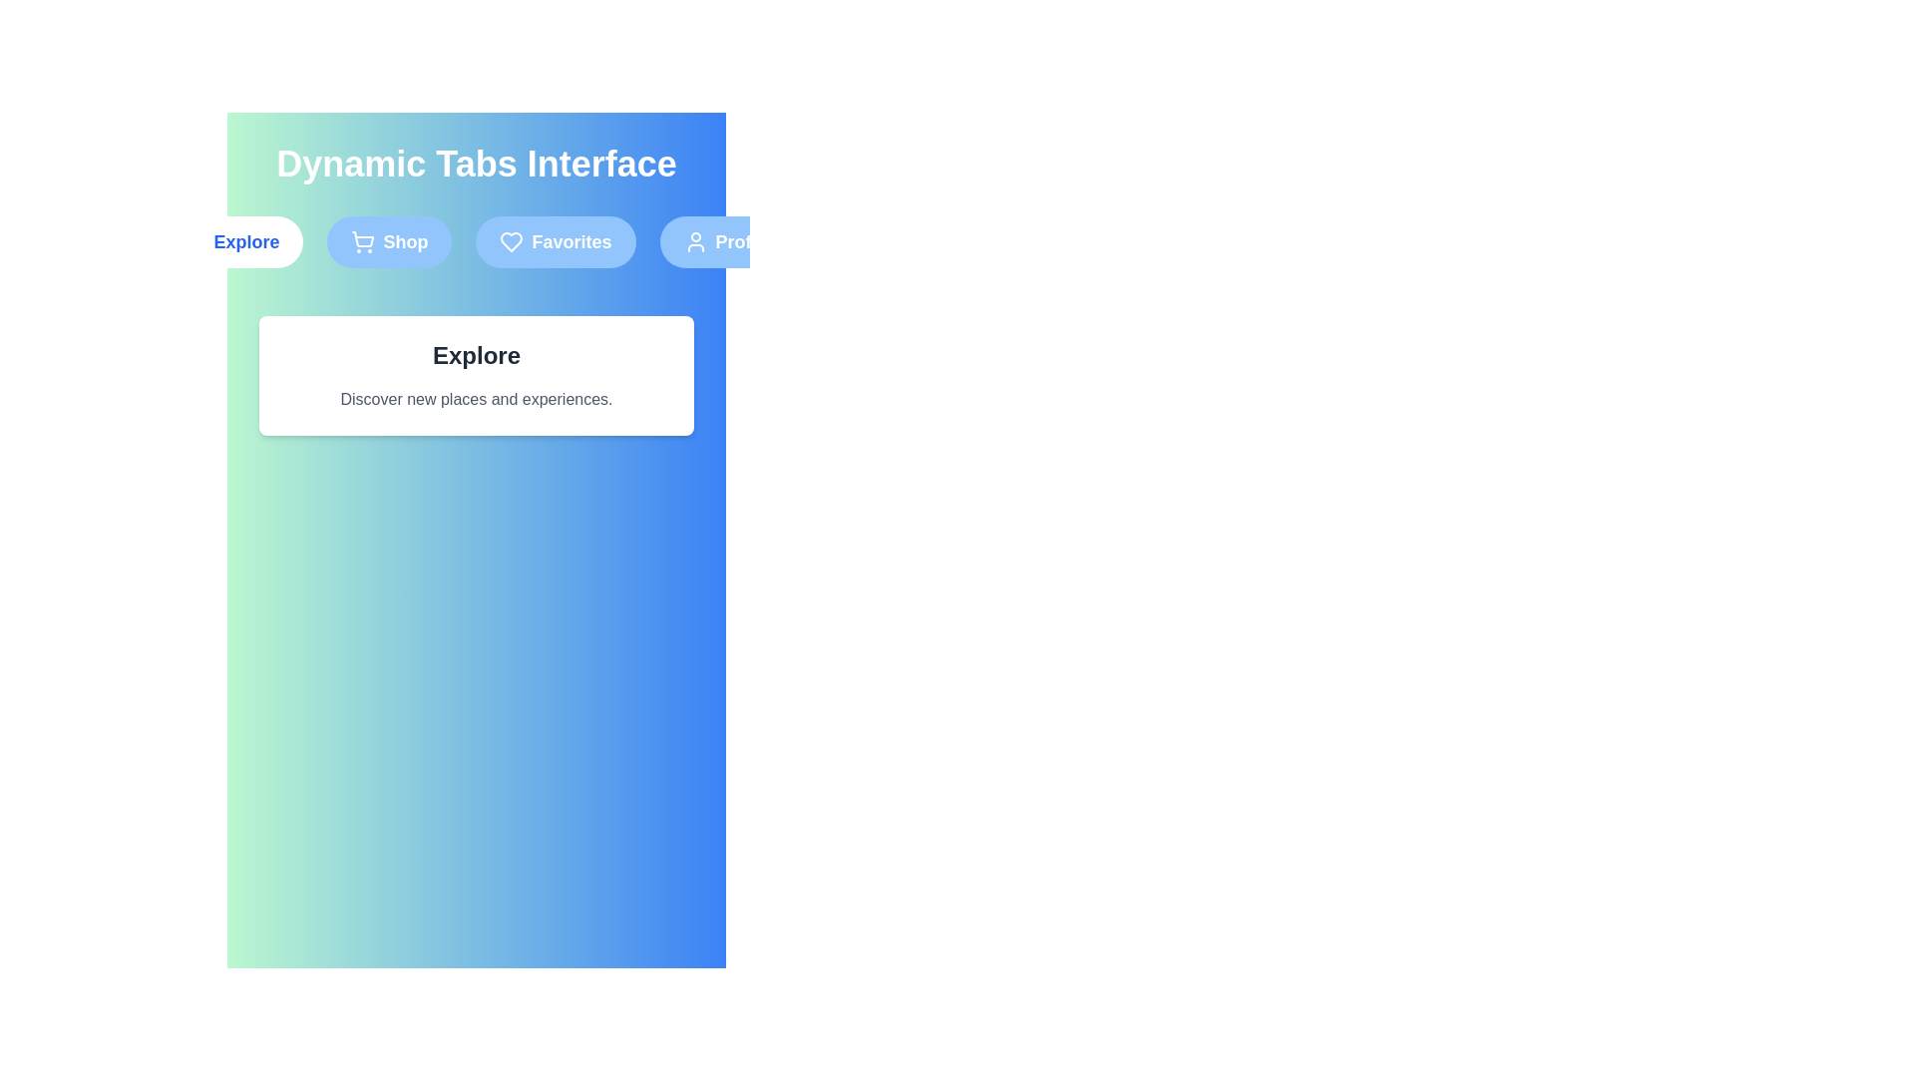 The width and height of the screenshot is (1915, 1077). Describe the element at coordinates (476, 355) in the screenshot. I see `the text 'Explore' to select it` at that location.